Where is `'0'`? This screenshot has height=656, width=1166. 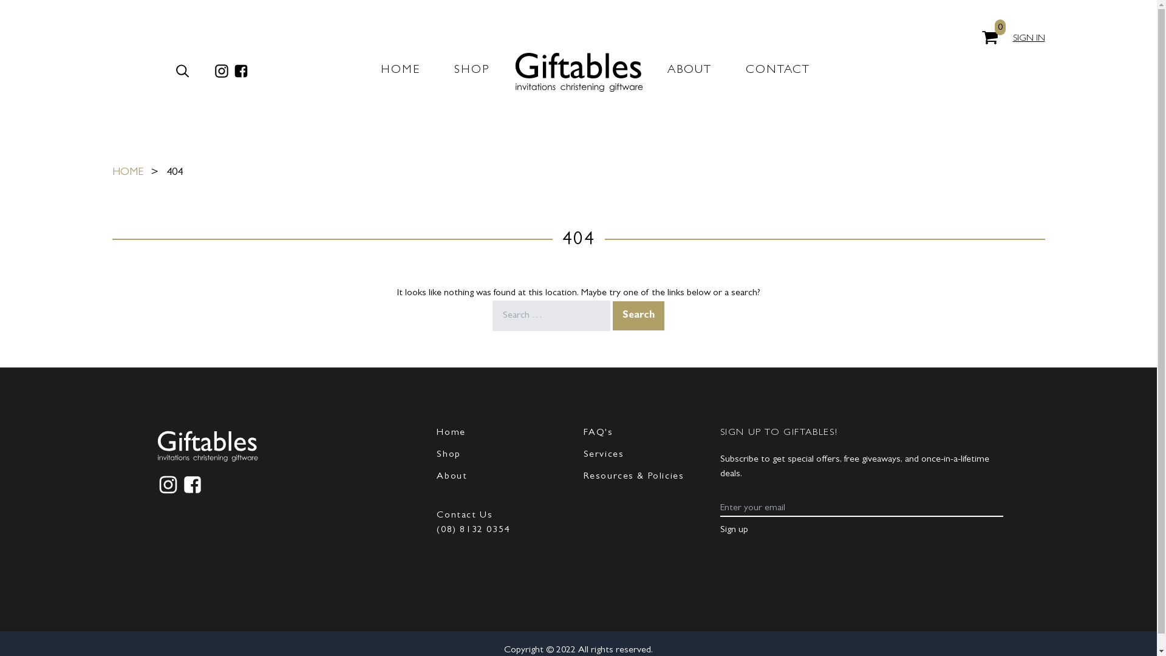 '0' is located at coordinates (990, 36).